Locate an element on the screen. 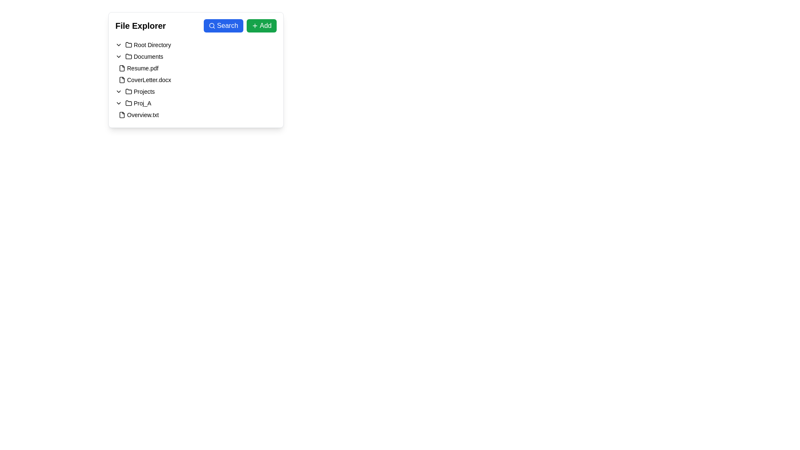 The width and height of the screenshot is (800, 450). the leftmost button in the upper-right region of the 'File Explorer' card to initiate a search operation is located at coordinates (223, 25).